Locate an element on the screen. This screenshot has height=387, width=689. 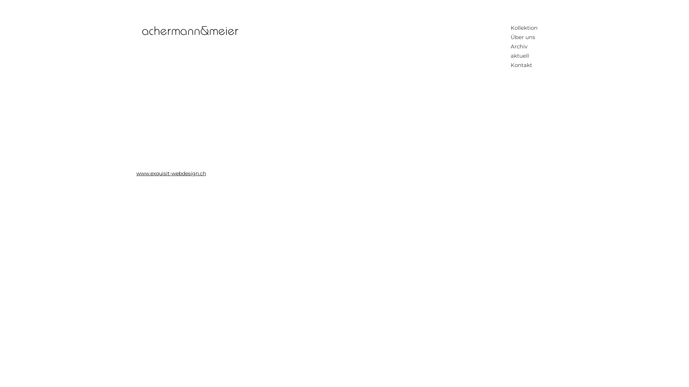
'www.exquisit-webdesign.ch' is located at coordinates (136, 173).